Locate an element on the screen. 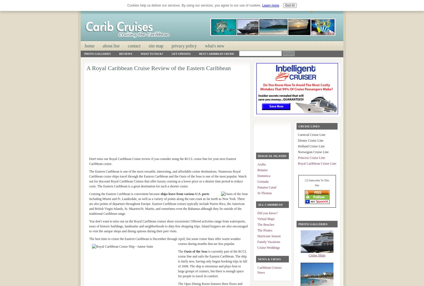  ']' is located at coordinates (338, 9).